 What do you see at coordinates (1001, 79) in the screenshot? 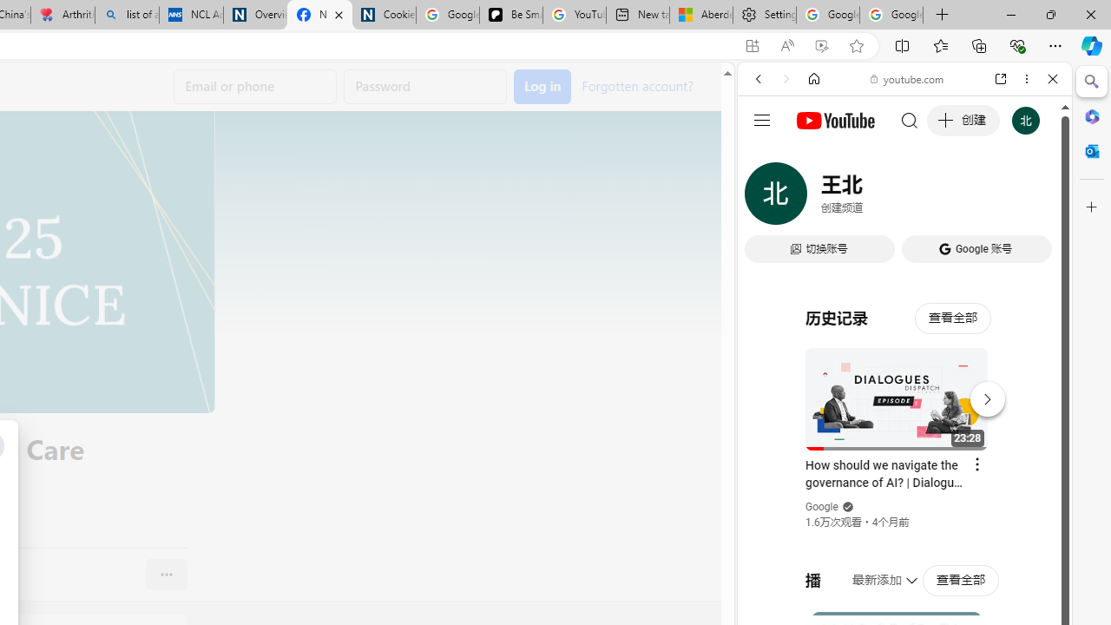
I see `'Open link in new tab'` at bounding box center [1001, 79].